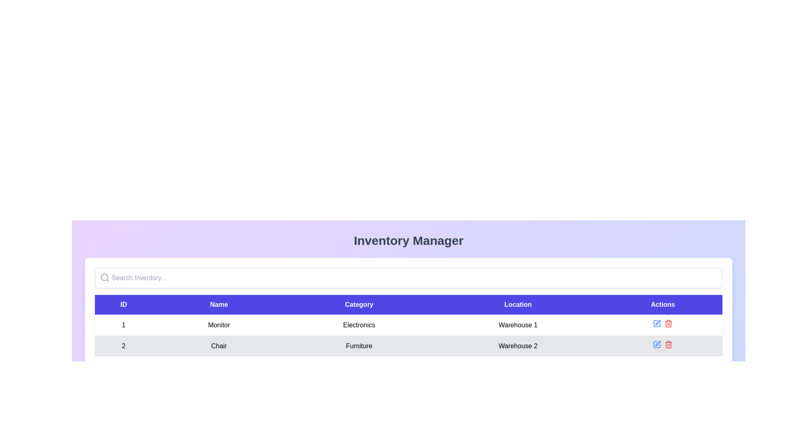 Image resolution: width=789 pixels, height=443 pixels. What do you see at coordinates (123, 305) in the screenshot?
I see `the header label for the IDs column in the table, which is the first column header located at the top-left of the table and to the left of the 'Name' header` at bounding box center [123, 305].